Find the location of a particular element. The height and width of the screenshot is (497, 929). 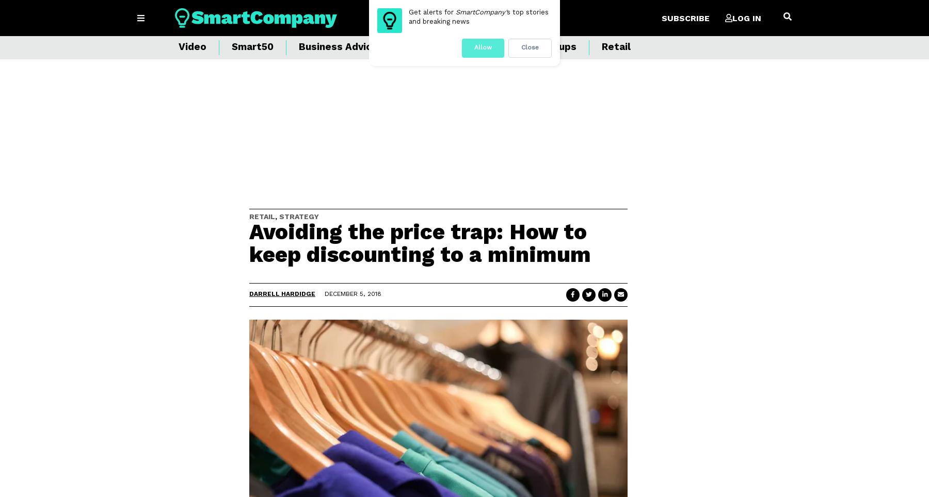

'Events' is located at coordinates (489, 46).